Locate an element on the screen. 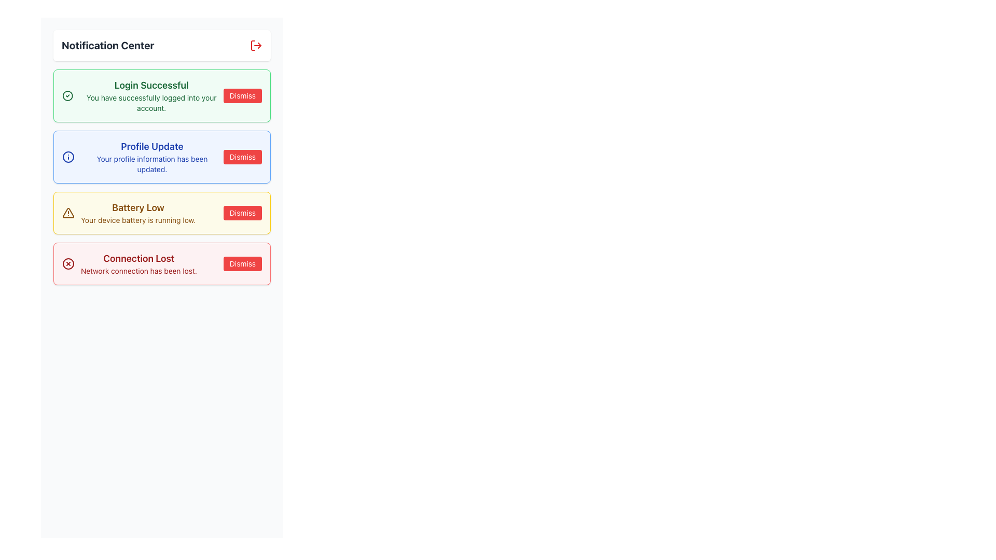 This screenshot has height=560, width=996. the 'Dismiss' button located at the far-right end of the 'Connection Lost' notification to observe visual changes is located at coordinates (242, 263).